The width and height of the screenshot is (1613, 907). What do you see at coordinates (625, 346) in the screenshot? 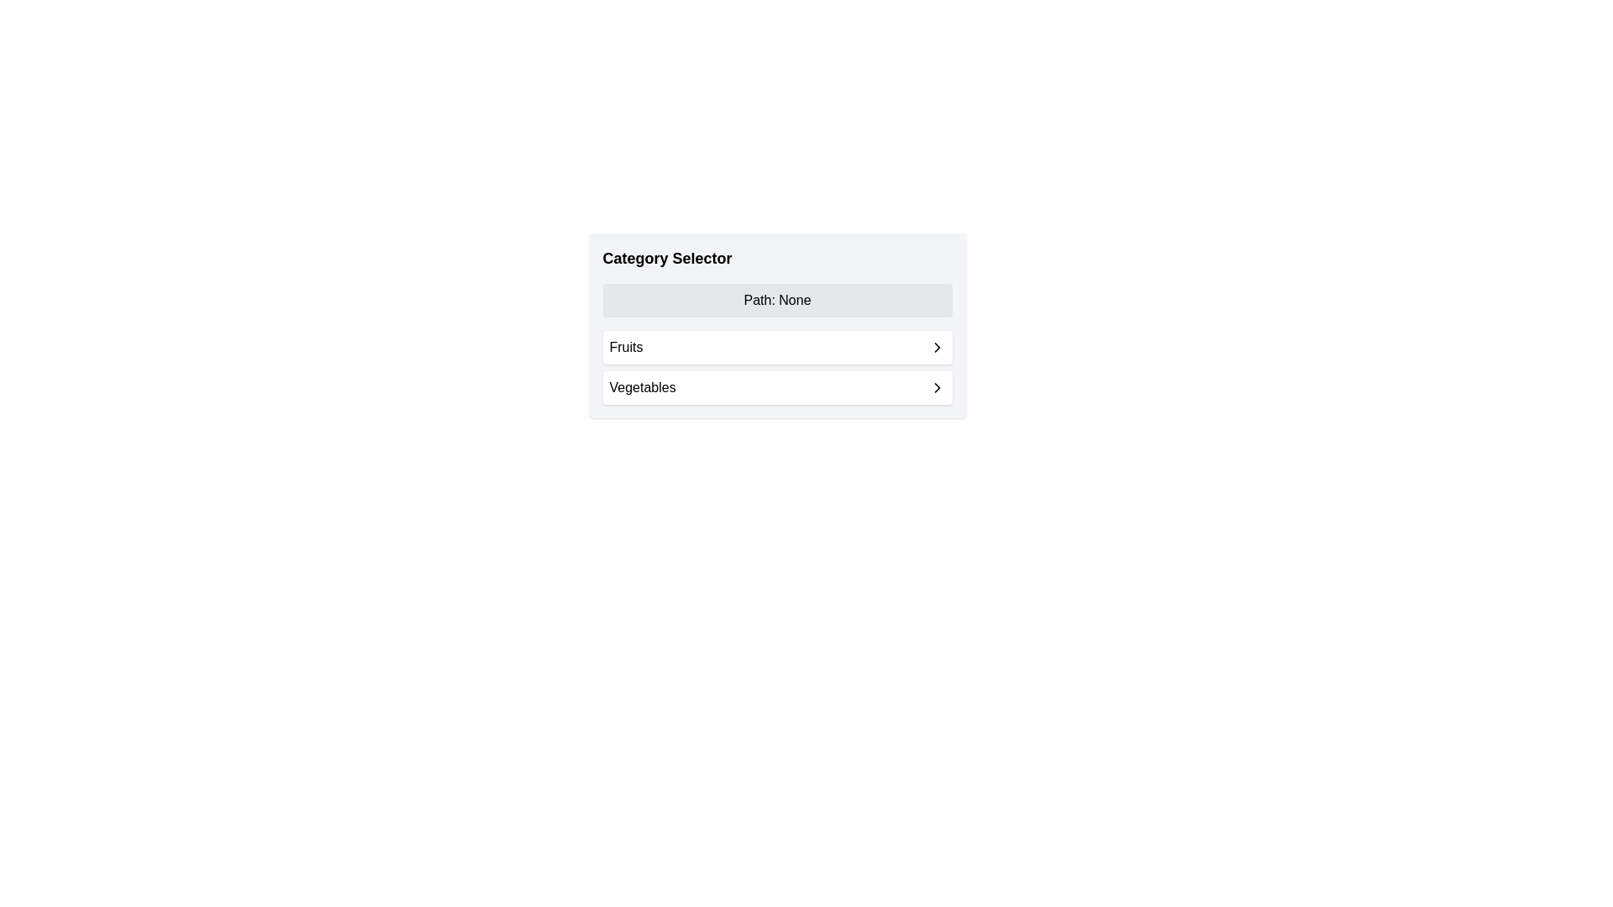
I see `the 'Fruits' text label in the Category Selector menu` at bounding box center [625, 346].